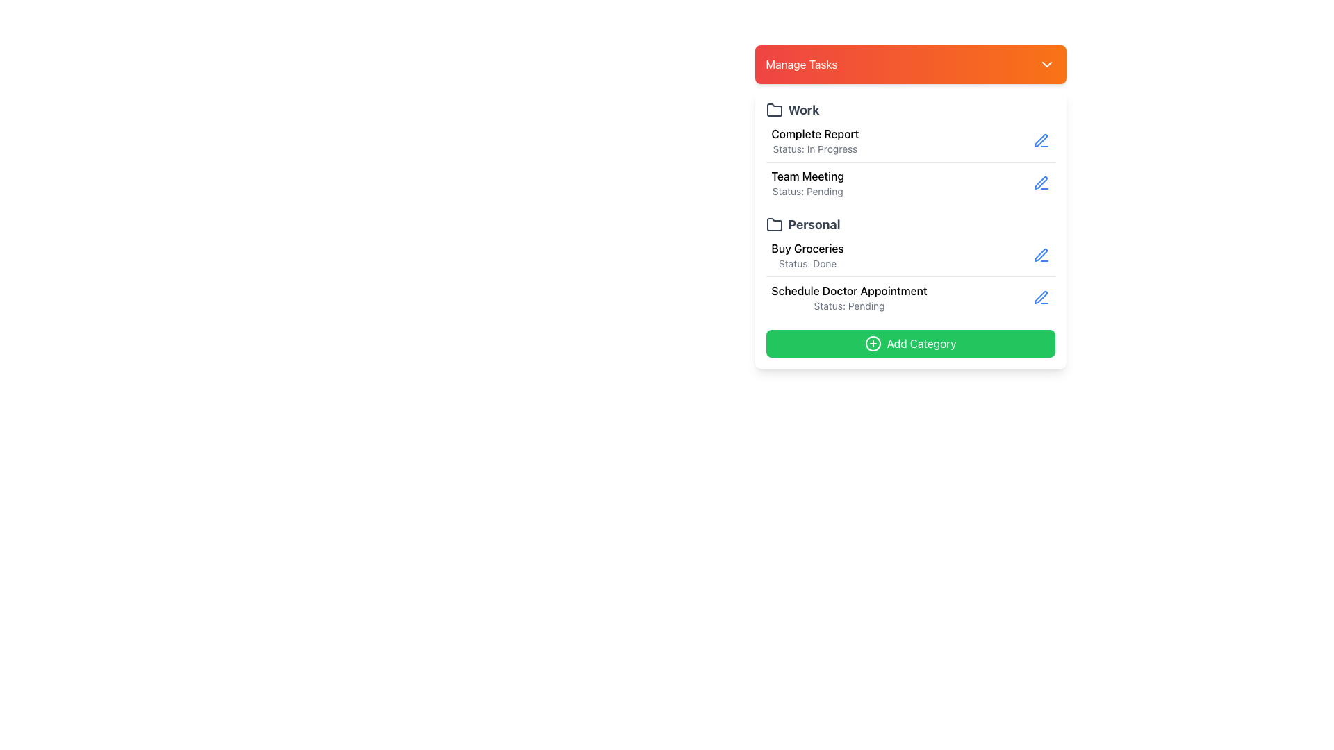 Image resolution: width=1334 pixels, height=750 pixels. I want to click on the Task item displaying 'Schedule Doctor Appointment' with status 'Pending', which is the third item in the Personal category of the task management interface, so click(848, 297).